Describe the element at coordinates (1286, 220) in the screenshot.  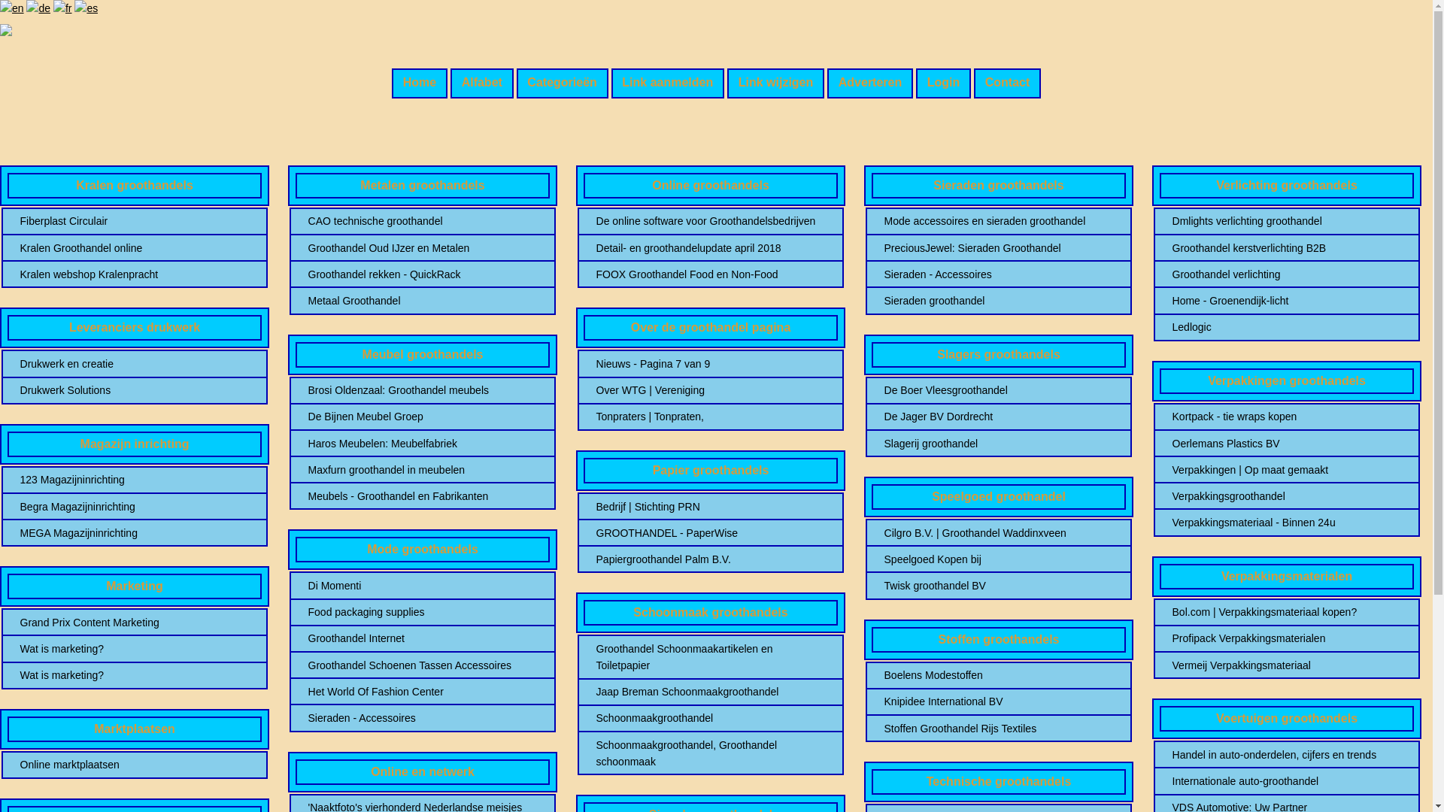
I see `'Dmlights verlichting groothandel'` at that location.